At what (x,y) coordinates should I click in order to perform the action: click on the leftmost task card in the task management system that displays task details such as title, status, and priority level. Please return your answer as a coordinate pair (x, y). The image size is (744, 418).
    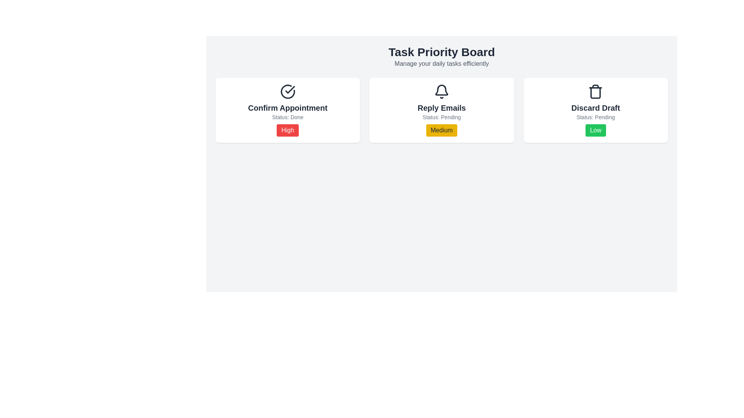
    Looking at the image, I should click on (287, 110).